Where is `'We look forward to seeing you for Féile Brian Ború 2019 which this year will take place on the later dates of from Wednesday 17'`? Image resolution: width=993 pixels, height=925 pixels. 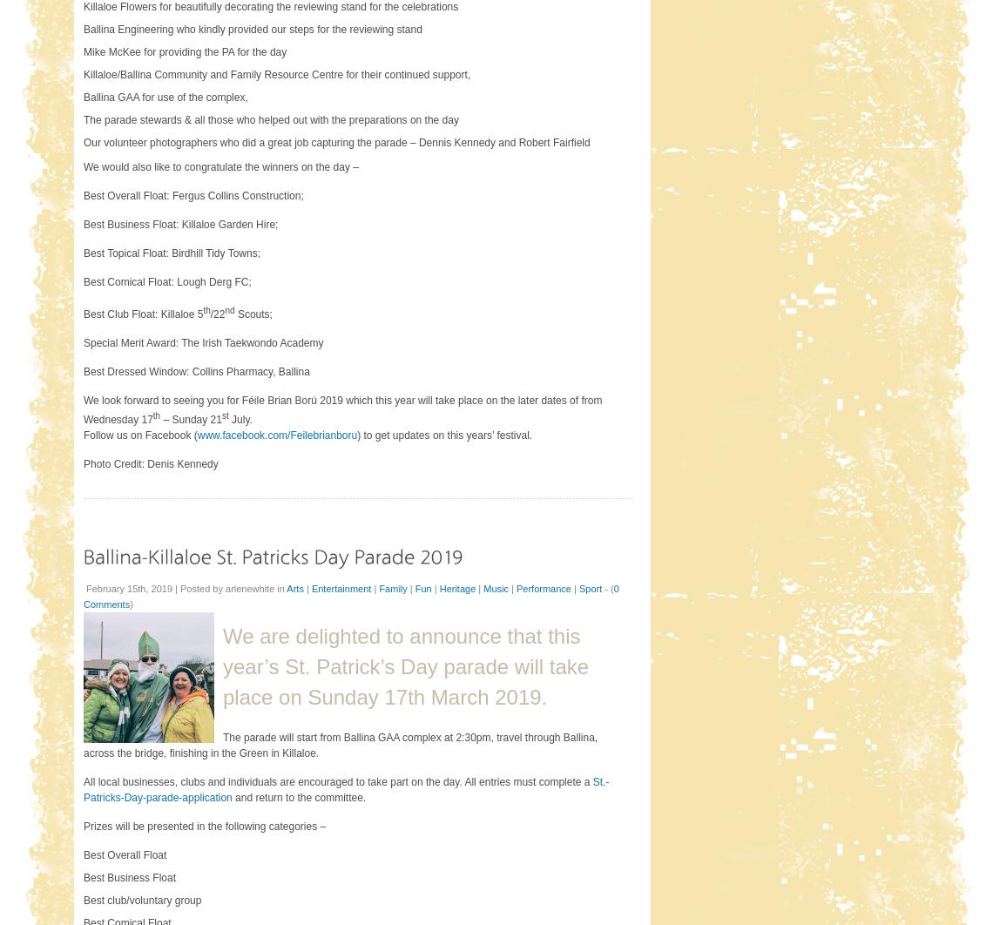 'We look forward to seeing you for Féile Brian Ború 2019 which this year will take place on the later dates of from Wednesday 17' is located at coordinates (341, 408).